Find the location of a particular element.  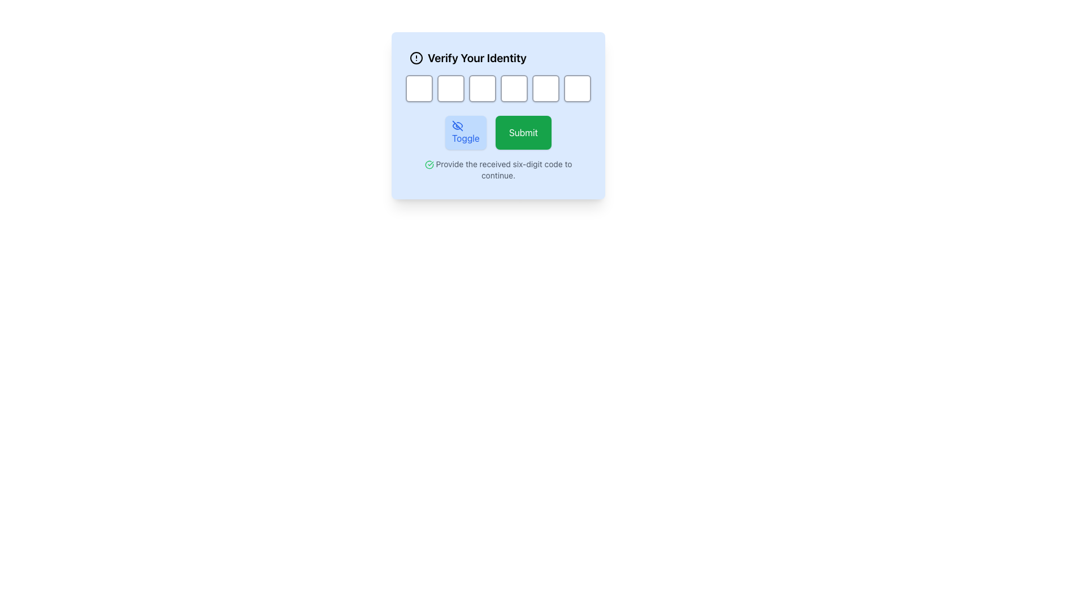

the eye icon component within the 'Toggle' button, which symbolizes visibility settings is located at coordinates (458, 126).